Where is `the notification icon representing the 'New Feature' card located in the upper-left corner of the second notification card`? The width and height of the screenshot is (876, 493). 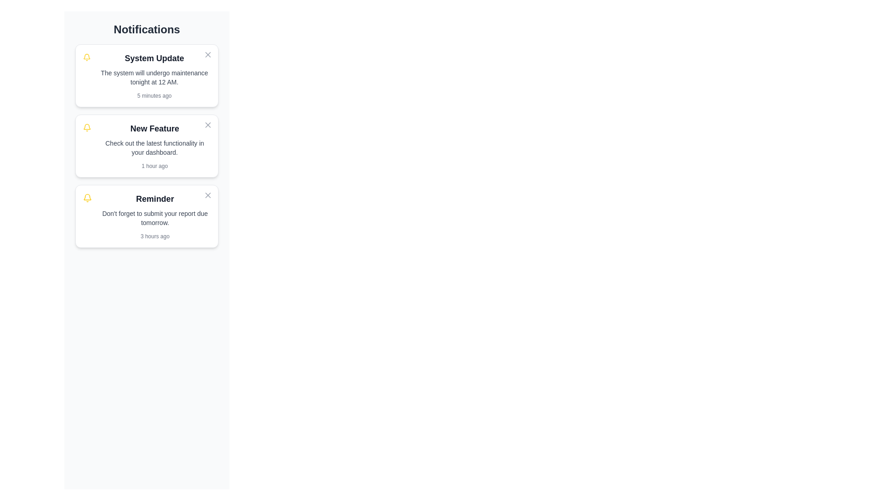
the notification icon representing the 'New Feature' card located in the upper-left corner of the second notification card is located at coordinates (87, 128).